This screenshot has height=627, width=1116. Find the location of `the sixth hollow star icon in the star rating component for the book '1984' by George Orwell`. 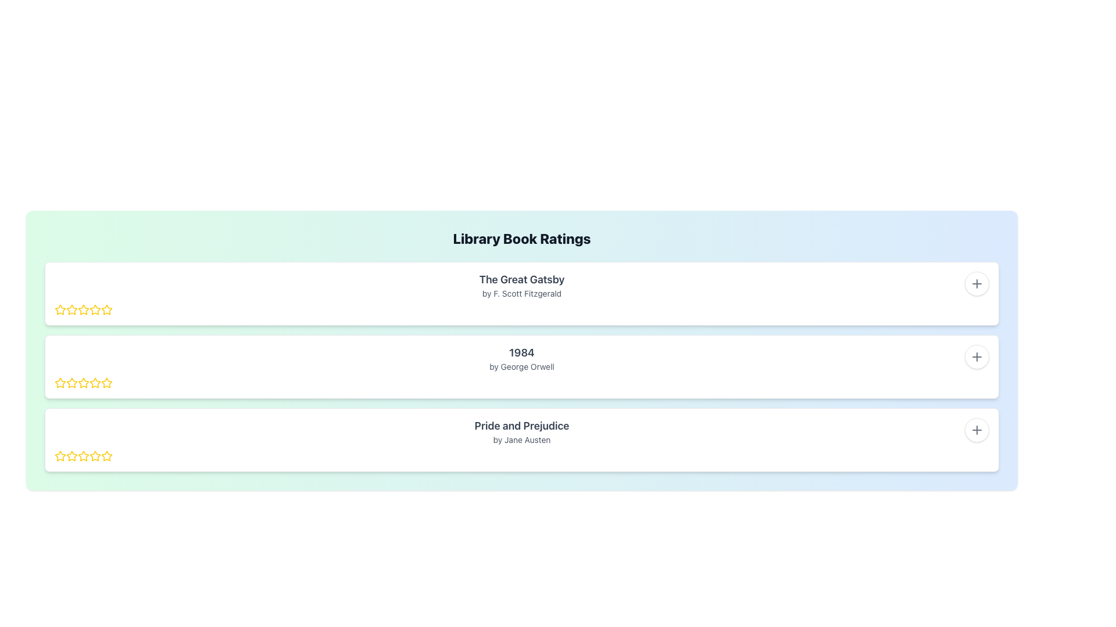

the sixth hollow star icon in the star rating component for the book '1984' by George Orwell is located at coordinates (95, 383).